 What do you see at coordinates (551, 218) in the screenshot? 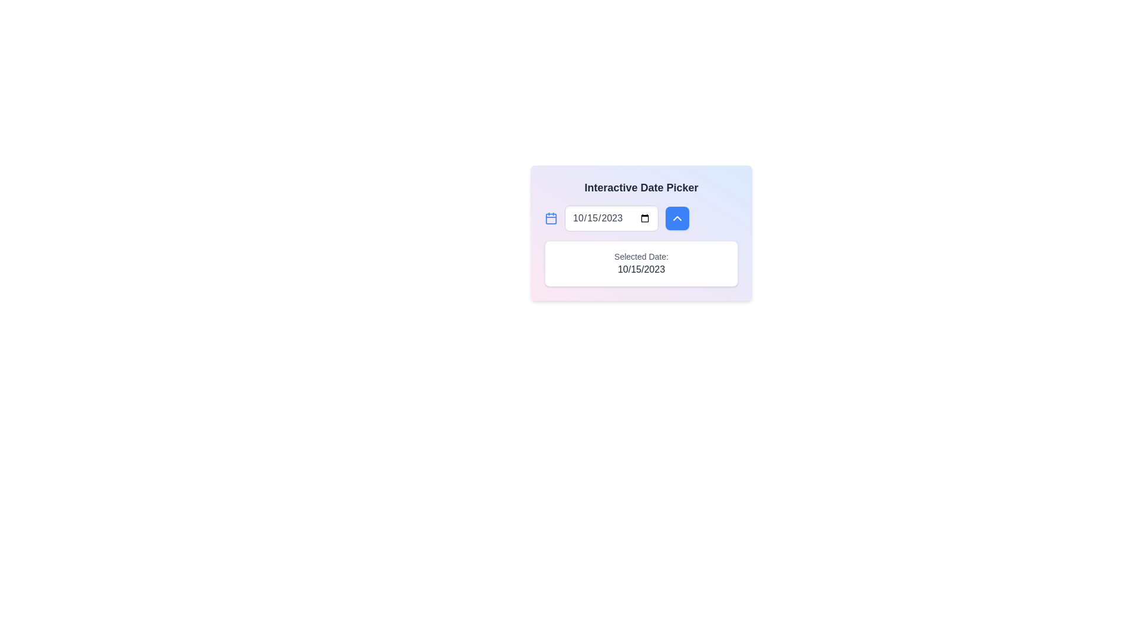
I see `the calendar icon, which is the leftmost component in the horizontal layout preceding the date input field` at bounding box center [551, 218].